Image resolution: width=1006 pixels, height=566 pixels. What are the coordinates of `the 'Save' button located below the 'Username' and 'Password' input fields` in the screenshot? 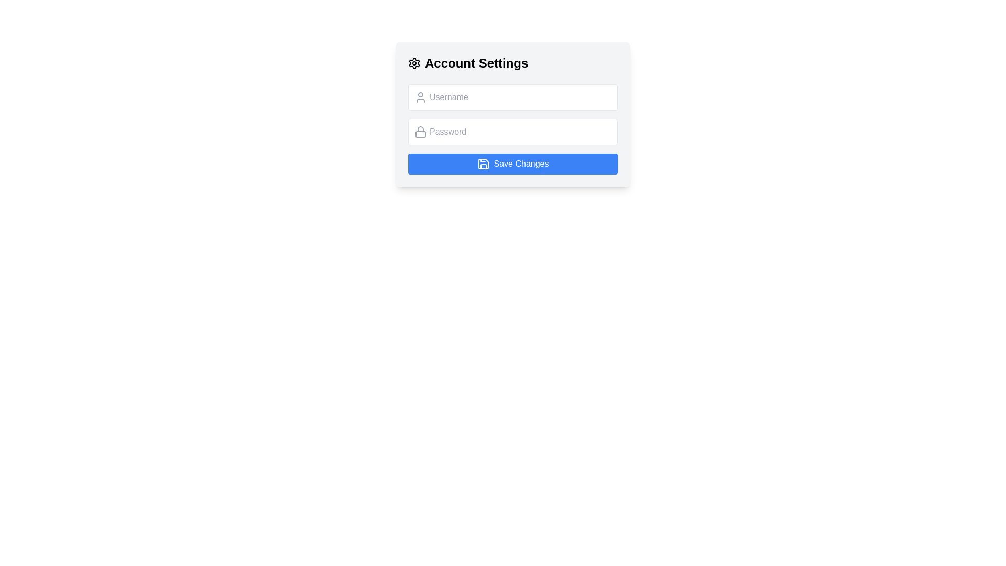 It's located at (513, 164).